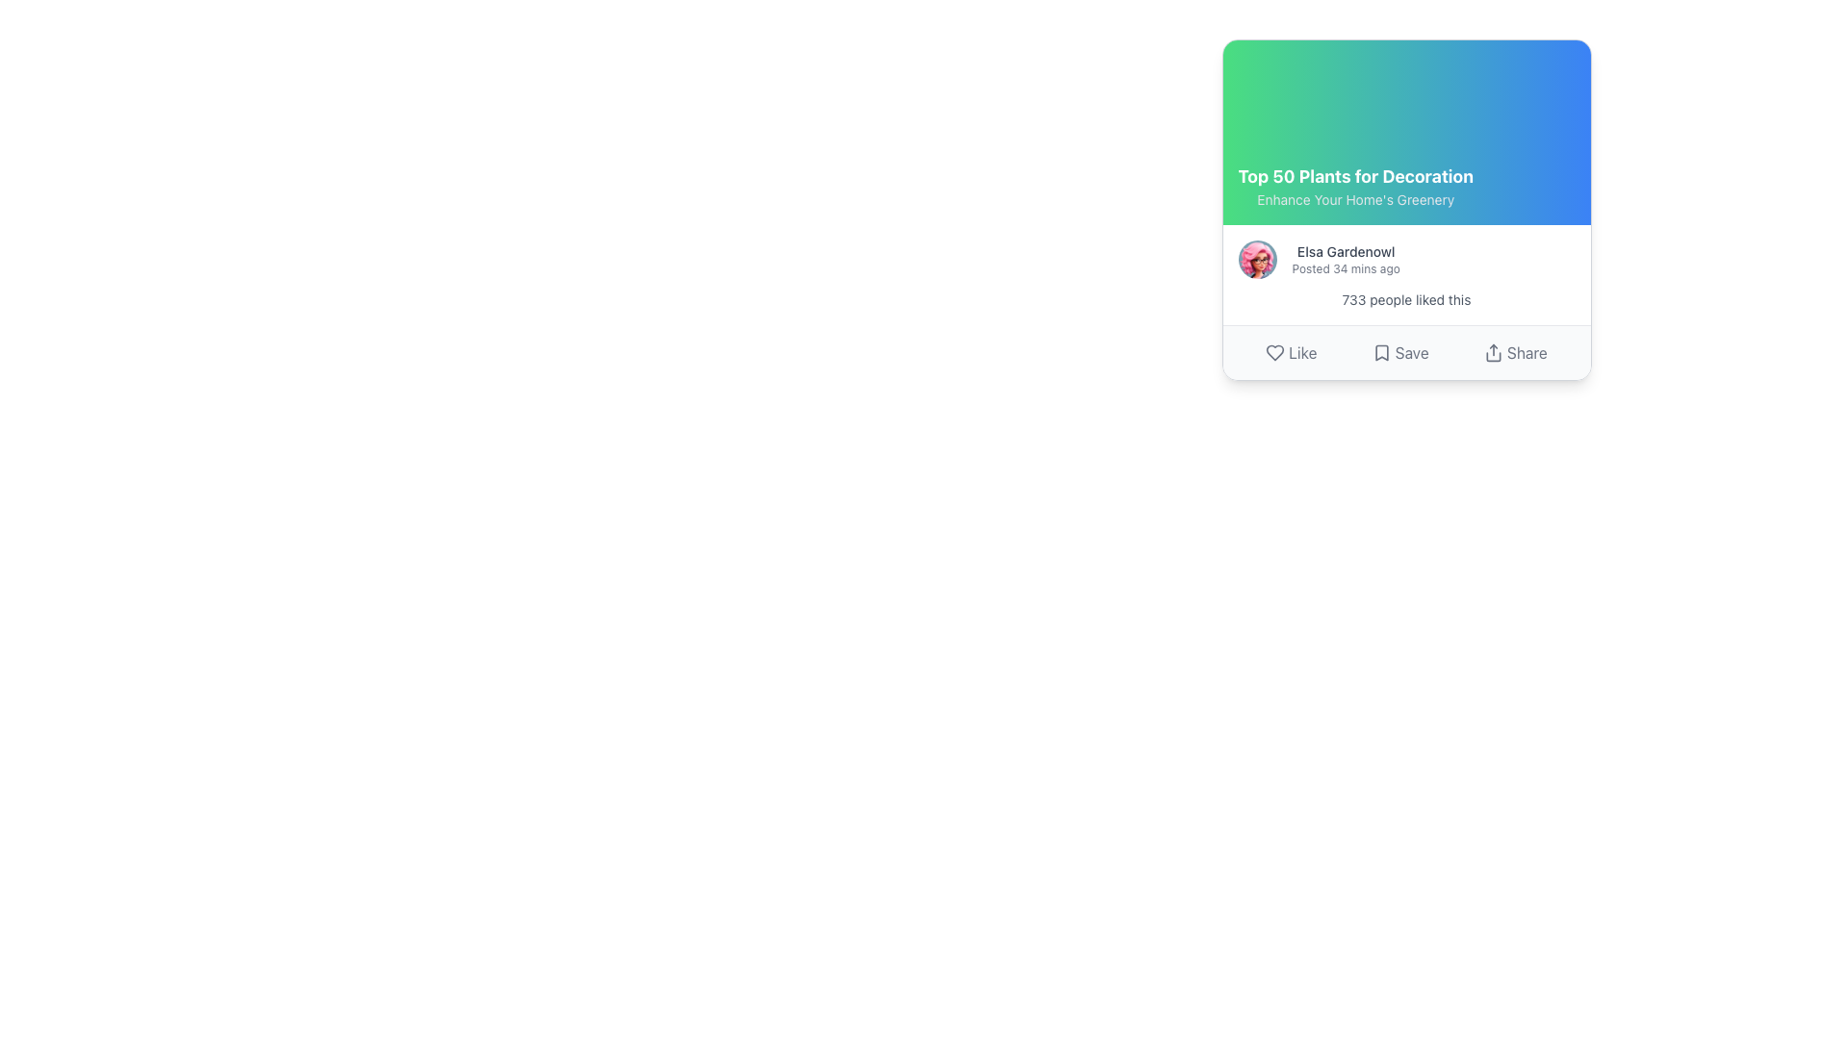 The height and width of the screenshot is (1039, 1848). I want to click on the Text Label displaying the author's name located in the top-mid section of the content card, positioned directly above the text 'Posted 34 mins ago', so click(1345, 251).